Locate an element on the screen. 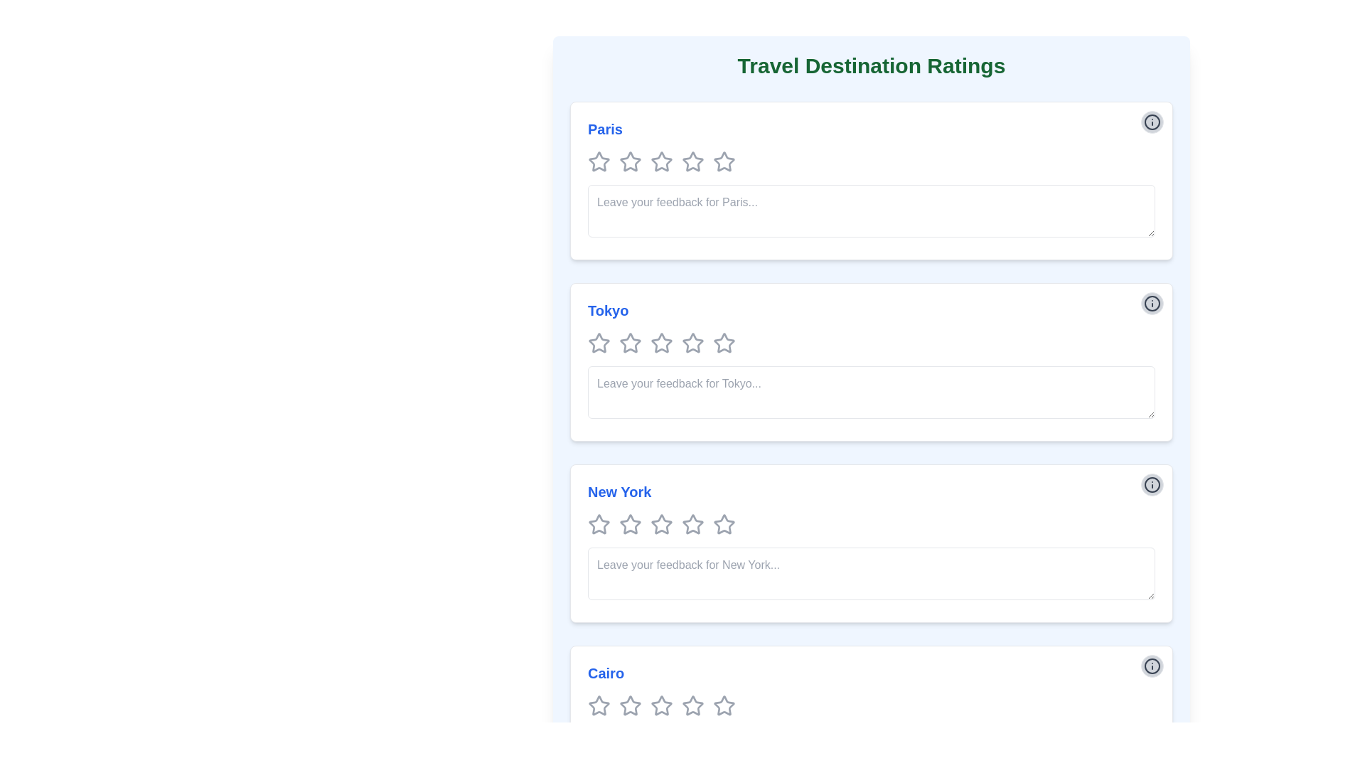 This screenshot has width=1365, height=768. the fifth star icon in the New York rating section is located at coordinates (692, 524).